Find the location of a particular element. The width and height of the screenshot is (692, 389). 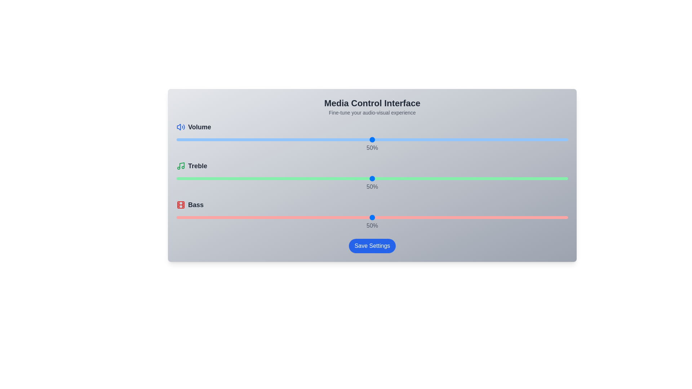

bass level is located at coordinates (537, 217).